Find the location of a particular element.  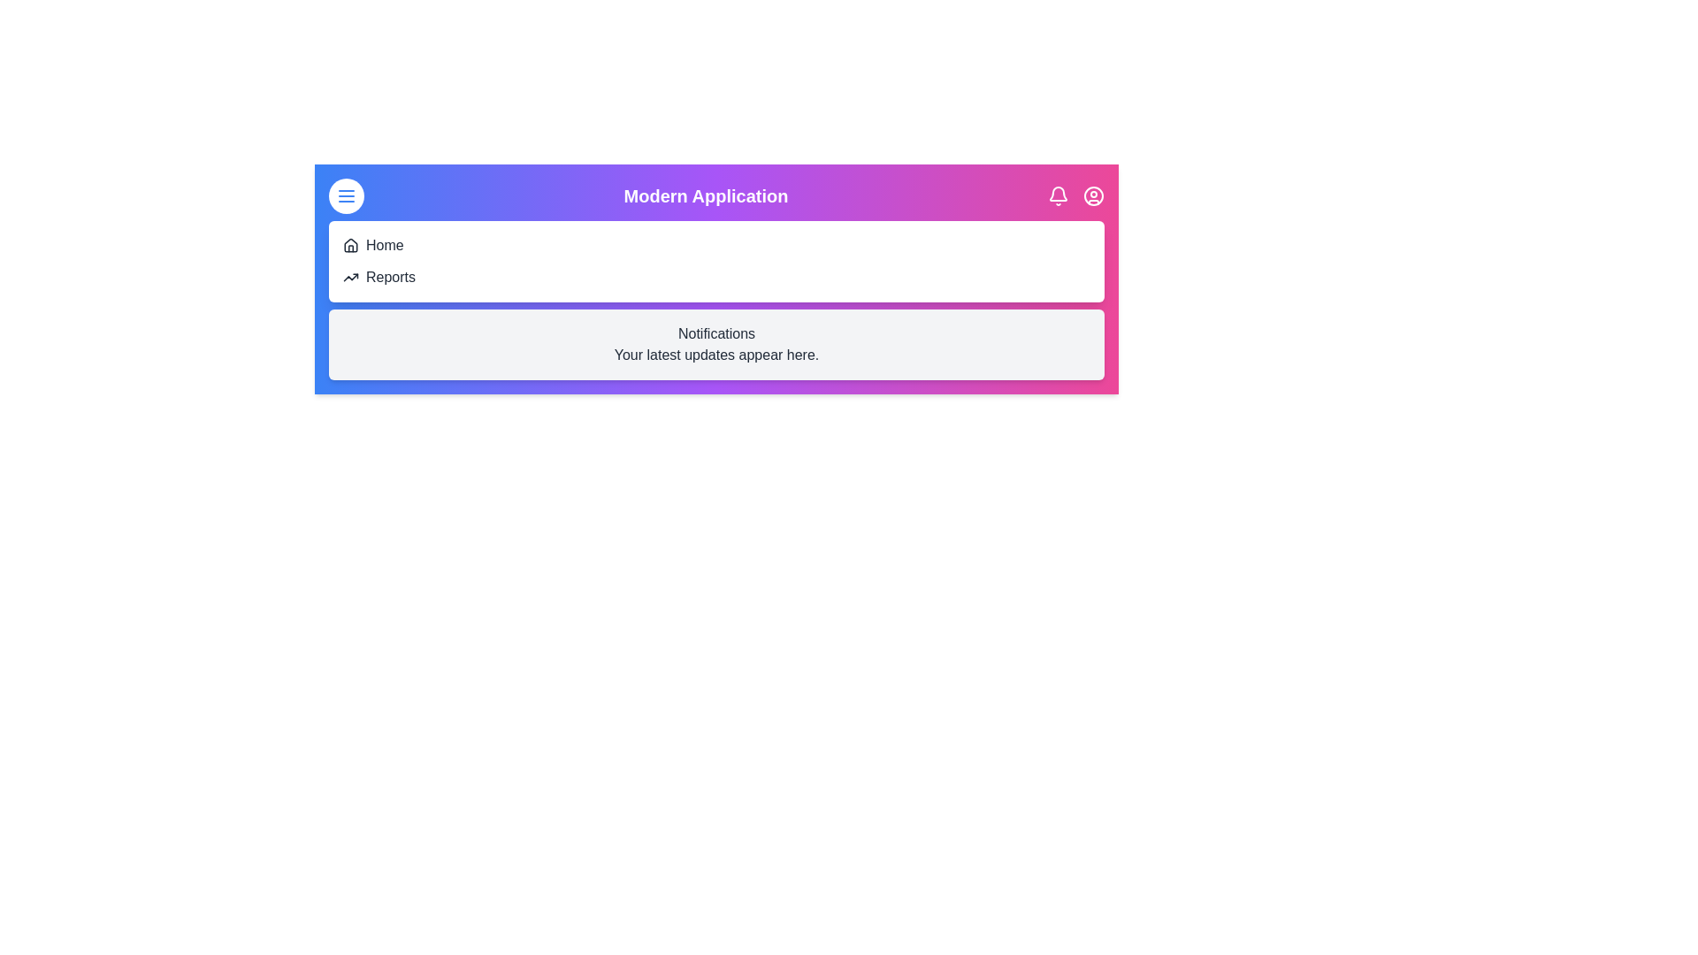

the user profile icon to interact with it is located at coordinates (1093, 196).